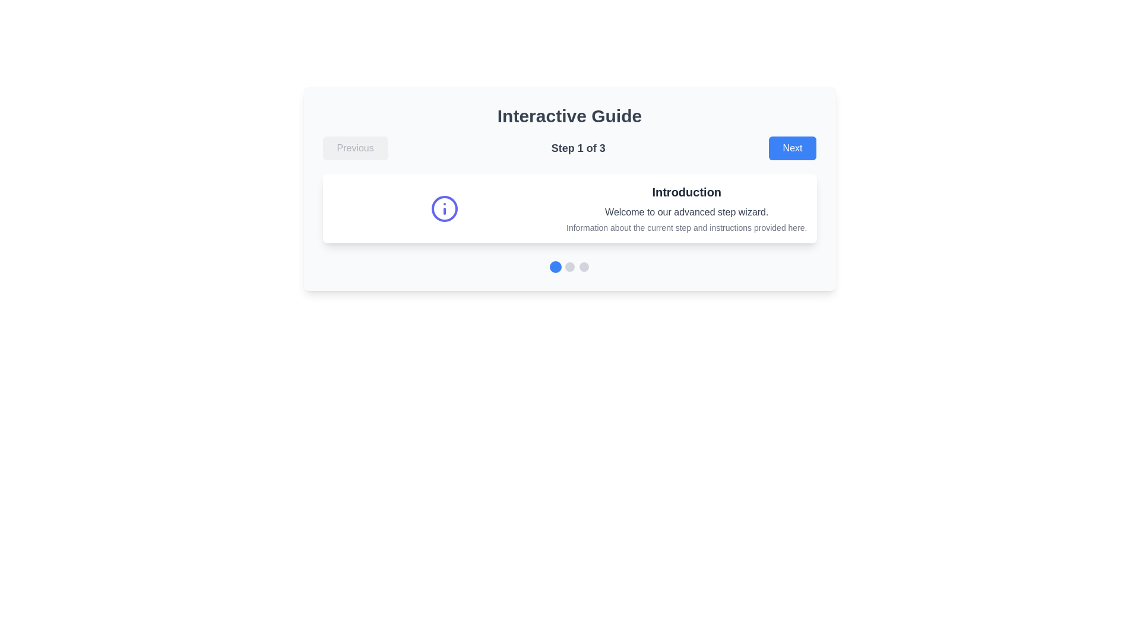 This screenshot has height=641, width=1140. What do you see at coordinates (569, 267) in the screenshot?
I see `to select the second circular step indicator in the progress navigation system, which is located near the bottom-center of the user interface, positioned between a blue circle and a gray circle` at bounding box center [569, 267].